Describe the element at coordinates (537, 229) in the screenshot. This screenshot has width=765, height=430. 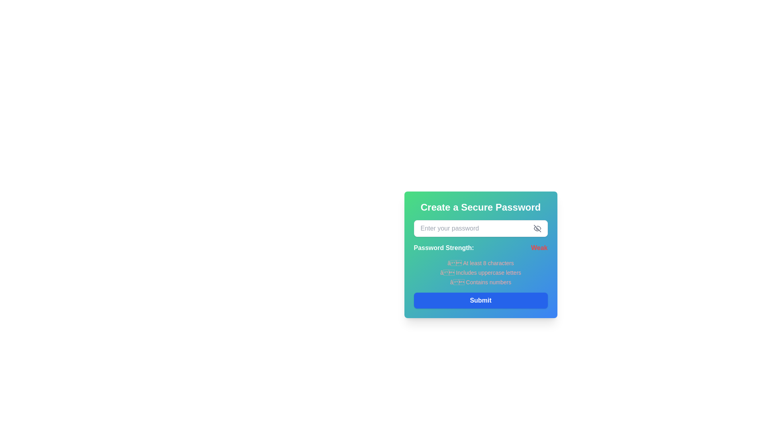
I see `the button that toggles the visibility of the password input field to change its color` at that location.